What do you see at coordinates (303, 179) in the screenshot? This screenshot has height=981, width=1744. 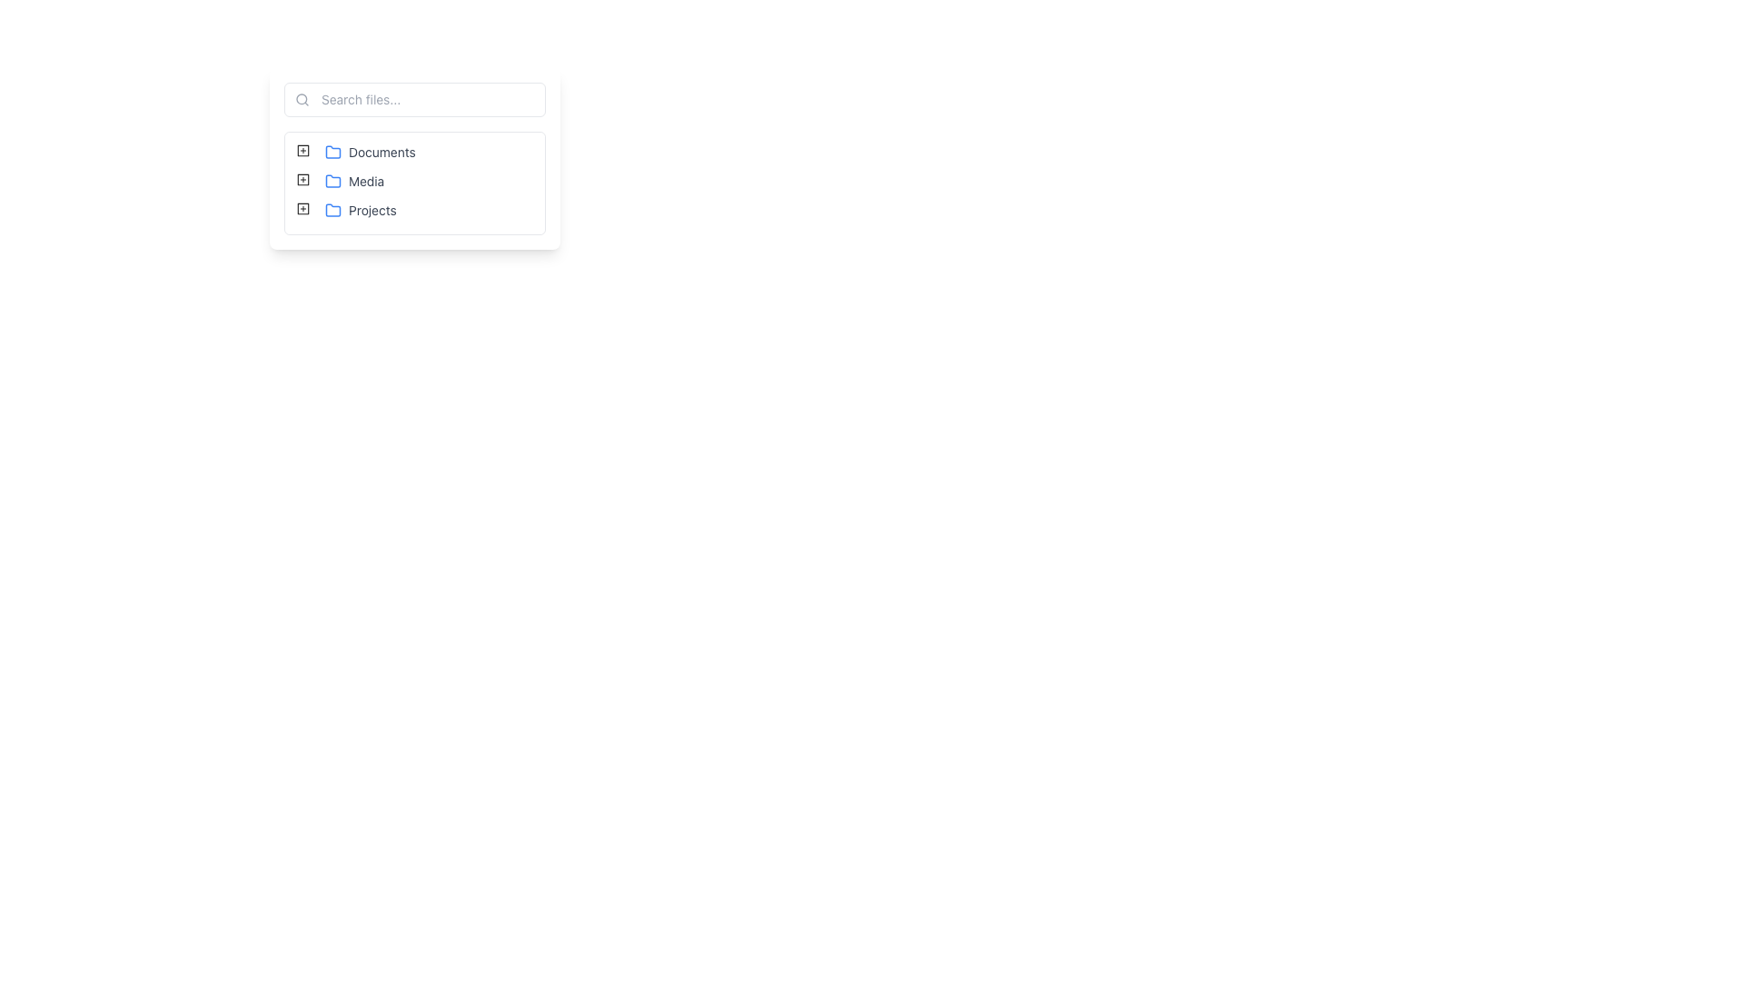 I see `the collapsible/expandable folder icon button for the 'Media' folder` at bounding box center [303, 179].